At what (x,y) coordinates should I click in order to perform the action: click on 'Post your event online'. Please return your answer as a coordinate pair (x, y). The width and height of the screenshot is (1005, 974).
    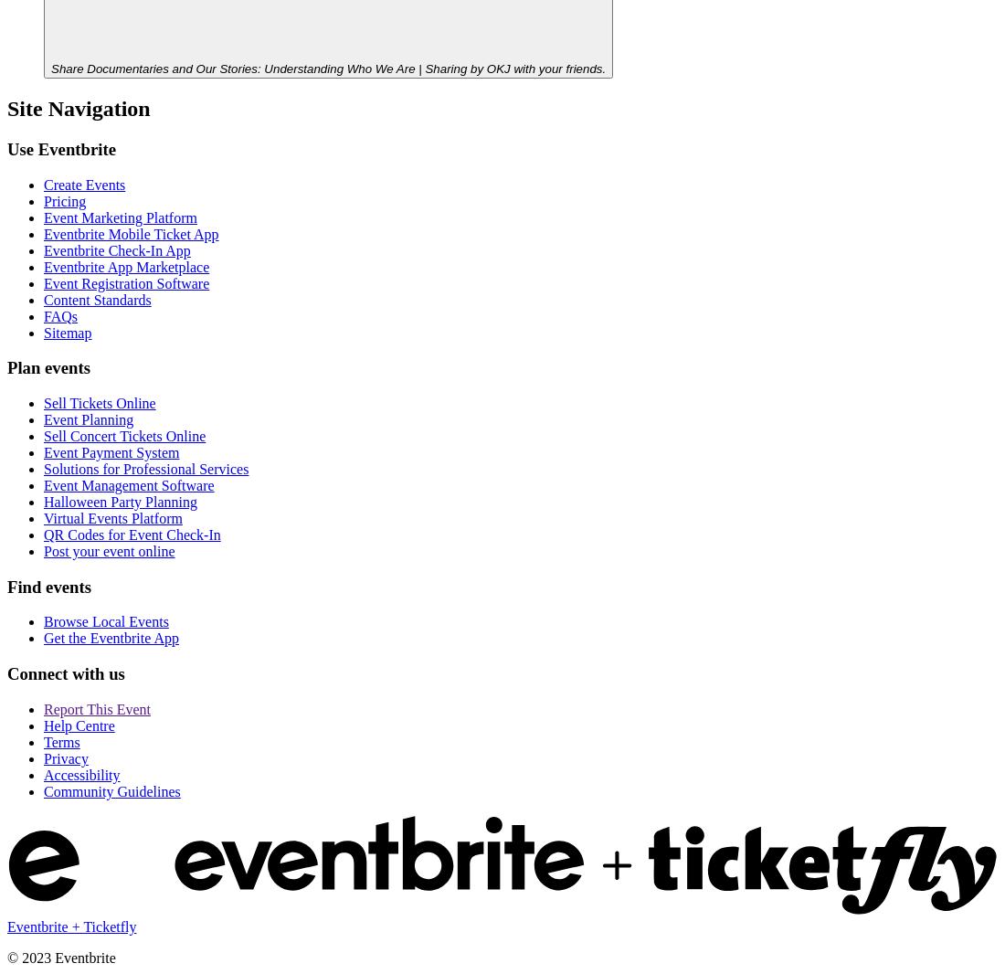
    Looking at the image, I should click on (109, 549).